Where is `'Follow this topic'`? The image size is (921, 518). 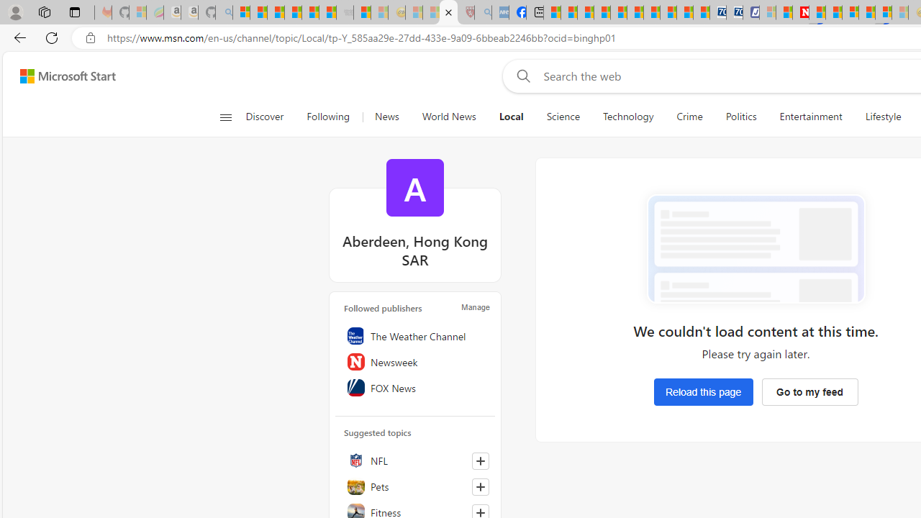
'Follow this topic' is located at coordinates (480, 486).